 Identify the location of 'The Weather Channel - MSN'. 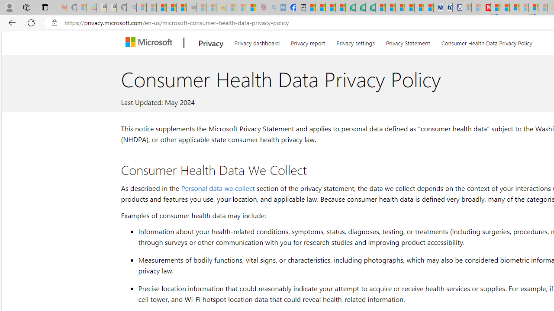
(161, 7).